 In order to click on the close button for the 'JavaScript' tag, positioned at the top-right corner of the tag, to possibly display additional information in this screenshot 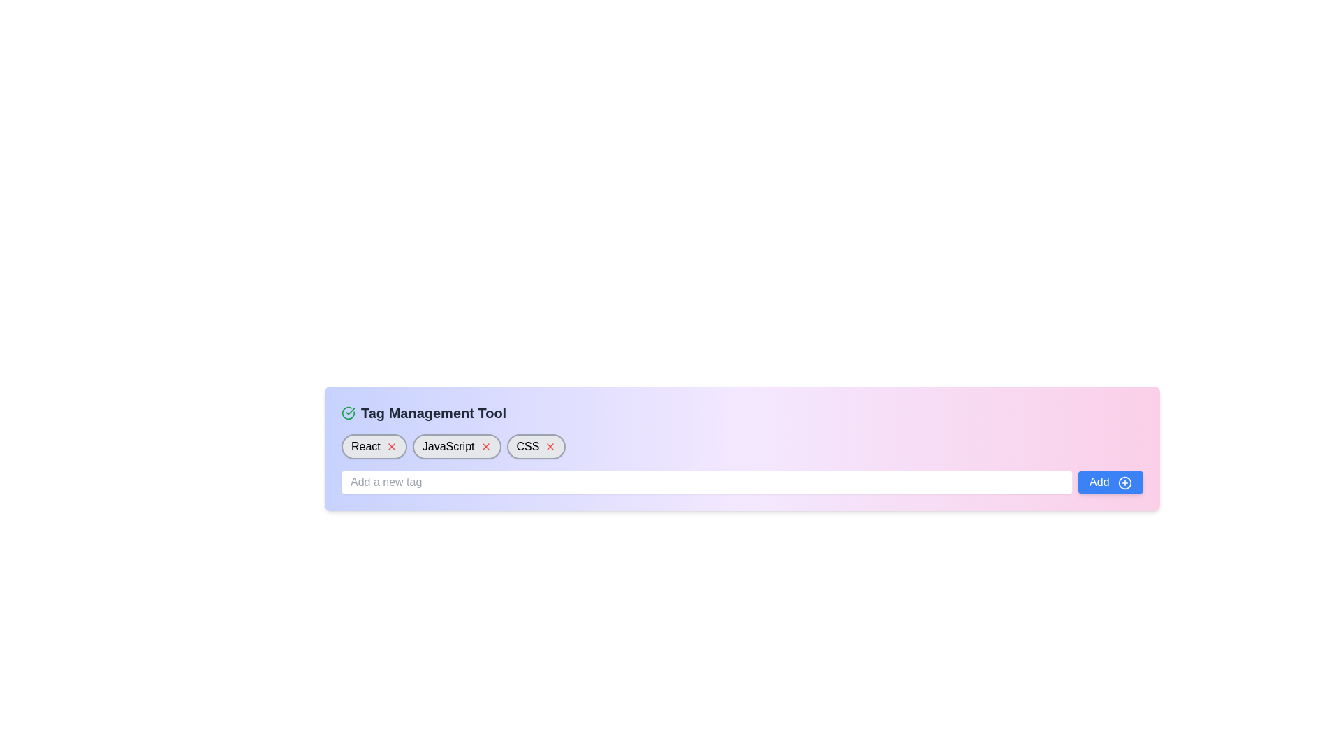, I will do `click(485, 447)`.